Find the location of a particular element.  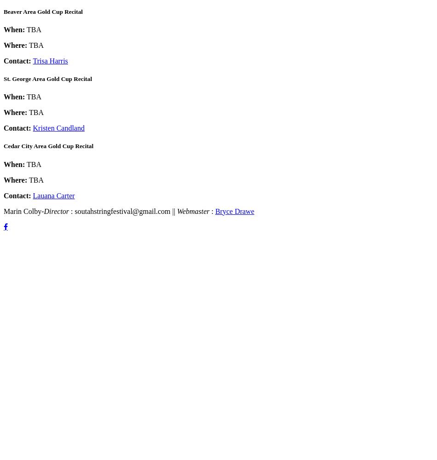

':' is located at coordinates (213, 210).